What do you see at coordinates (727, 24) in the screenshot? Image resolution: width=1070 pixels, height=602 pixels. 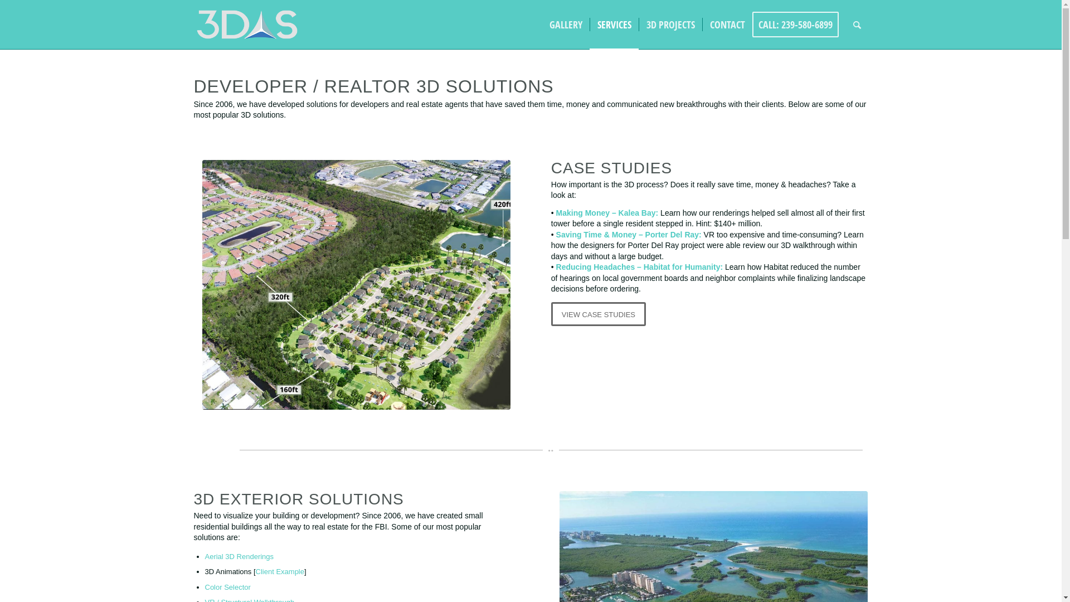 I see `'CONTACT'` at bounding box center [727, 24].